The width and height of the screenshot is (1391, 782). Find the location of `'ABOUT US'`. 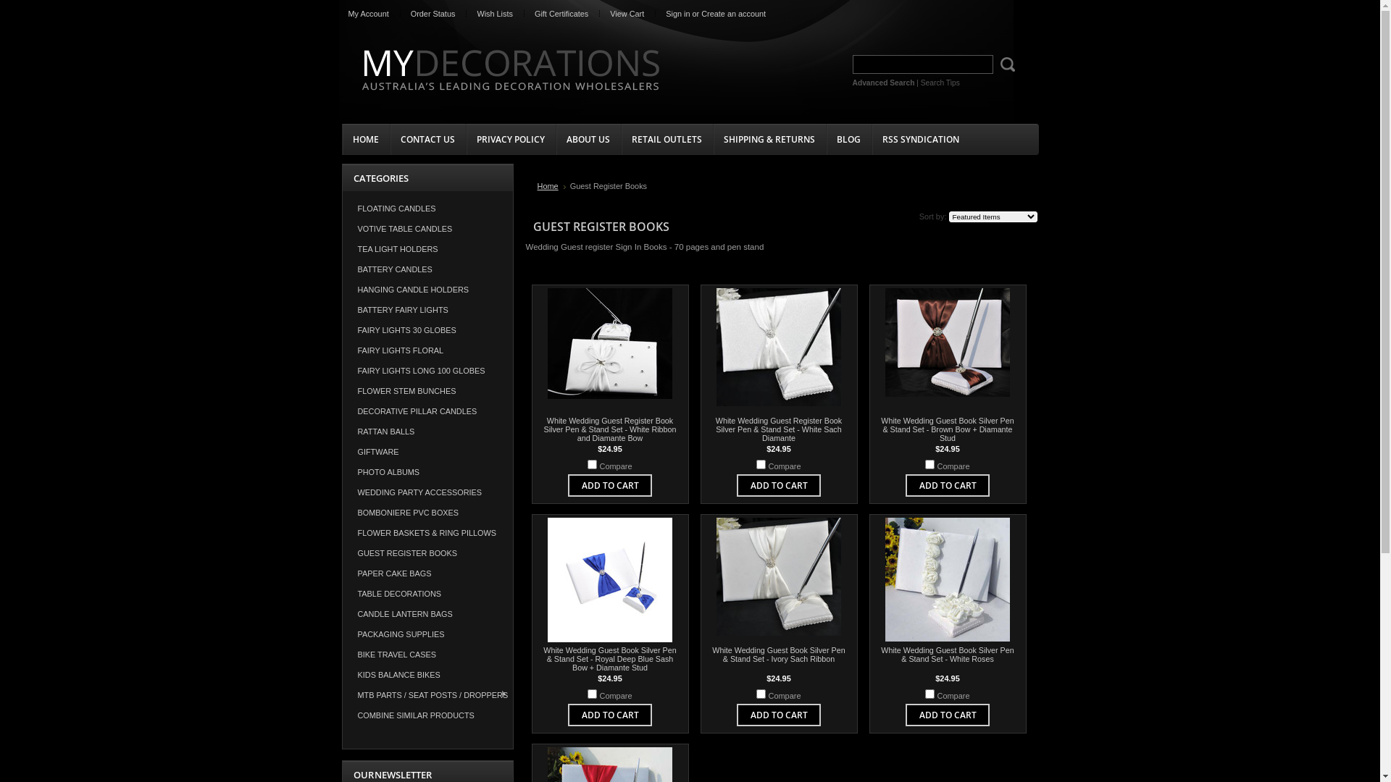

'ABOUT US' is located at coordinates (588, 139).